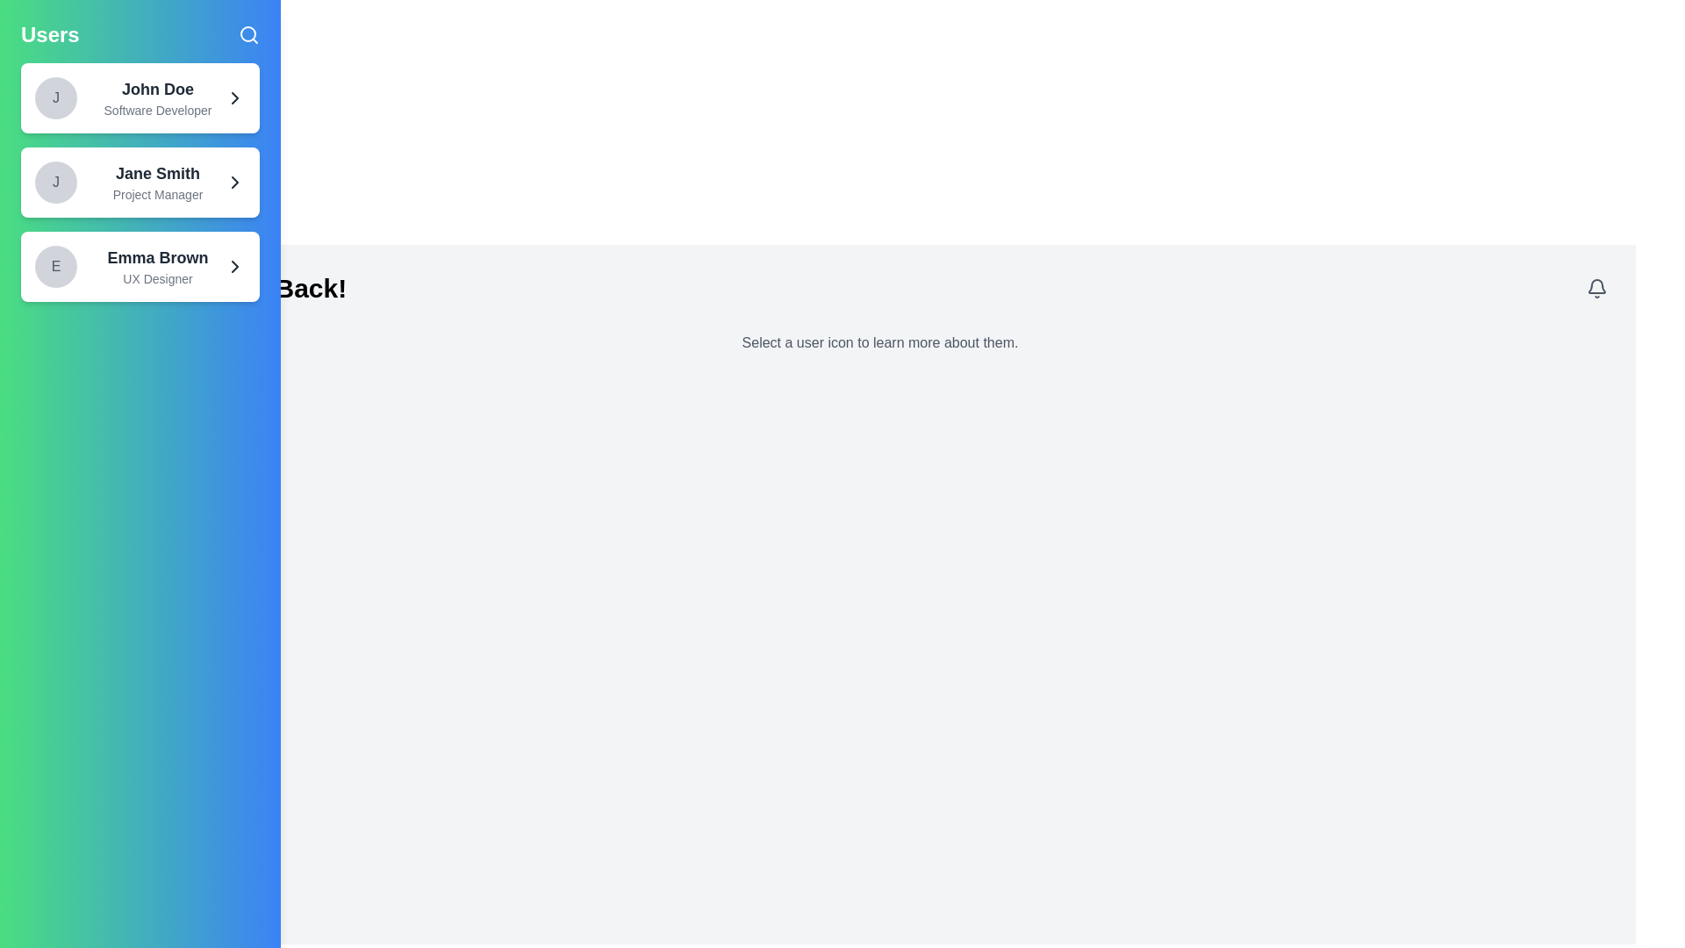 Image resolution: width=1685 pixels, height=948 pixels. Describe the element at coordinates (34, 34) in the screenshot. I see `the toggle button at the top-left corner to toggle the drawer open or closed` at that location.